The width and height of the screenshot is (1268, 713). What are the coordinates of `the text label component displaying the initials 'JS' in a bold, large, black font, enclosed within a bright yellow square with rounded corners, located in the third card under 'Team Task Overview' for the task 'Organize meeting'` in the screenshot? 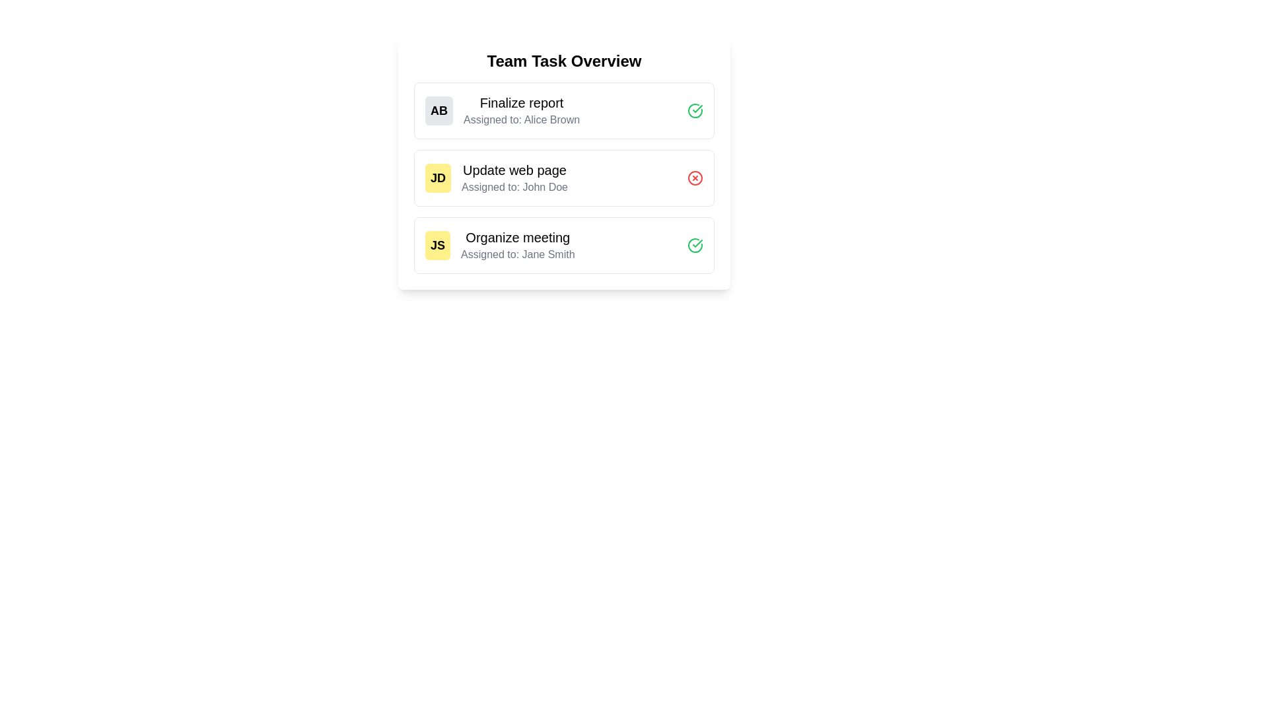 It's located at (437, 245).